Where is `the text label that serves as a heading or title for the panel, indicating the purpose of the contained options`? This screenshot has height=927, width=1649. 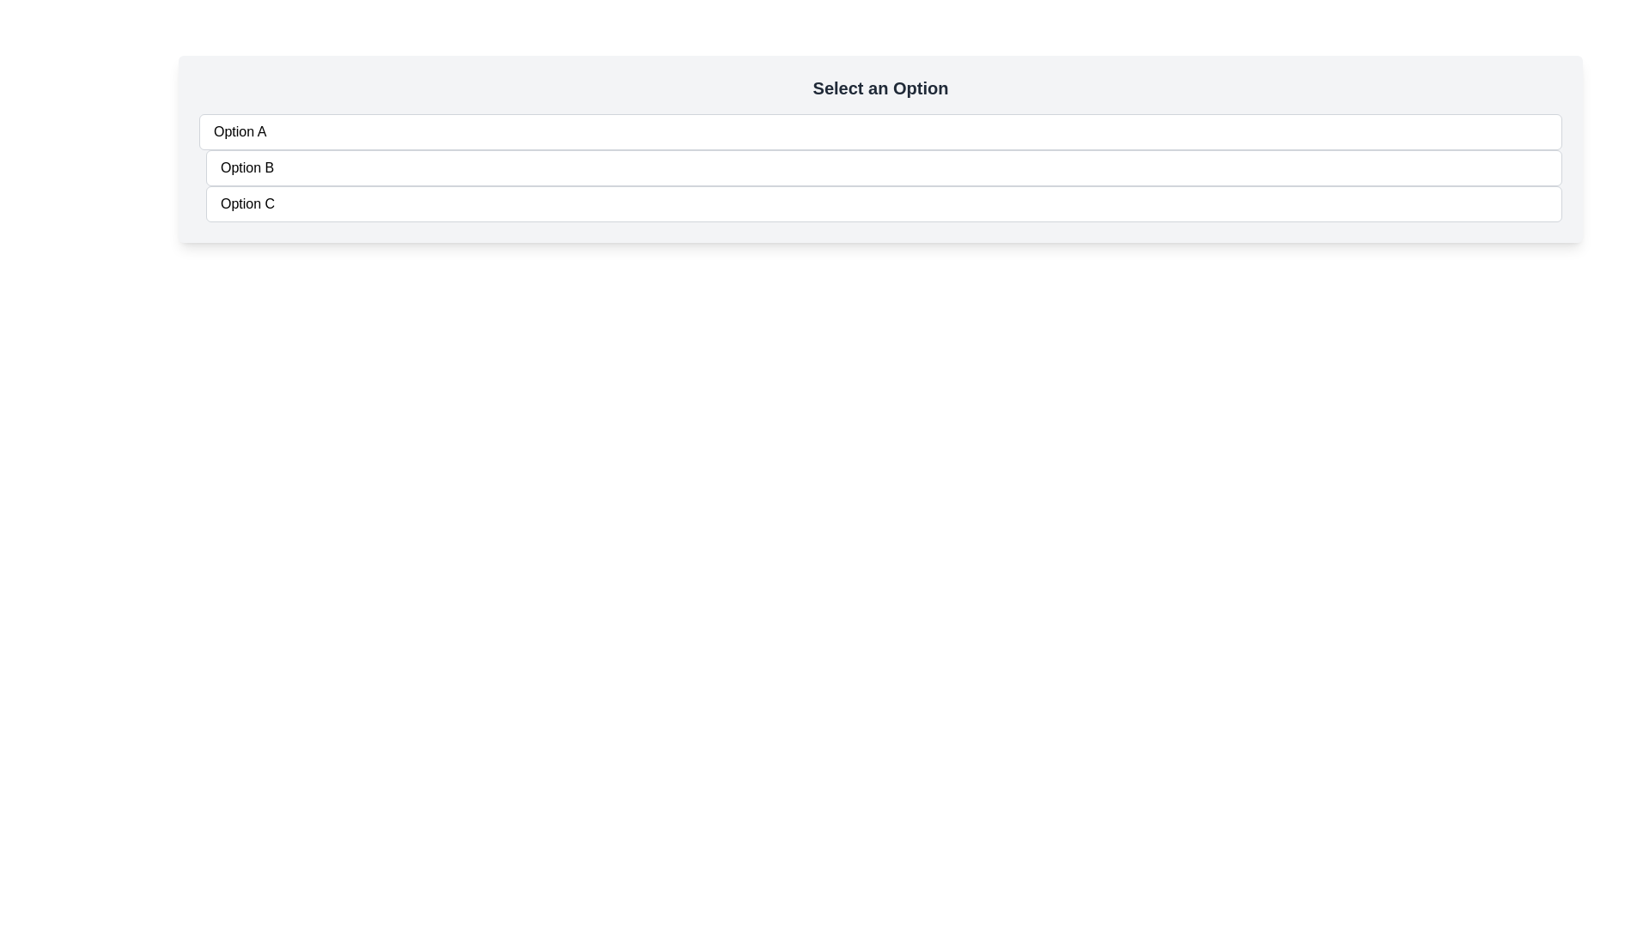 the text label that serves as a heading or title for the panel, indicating the purpose of the contained options is located at coordinates (880, 88).